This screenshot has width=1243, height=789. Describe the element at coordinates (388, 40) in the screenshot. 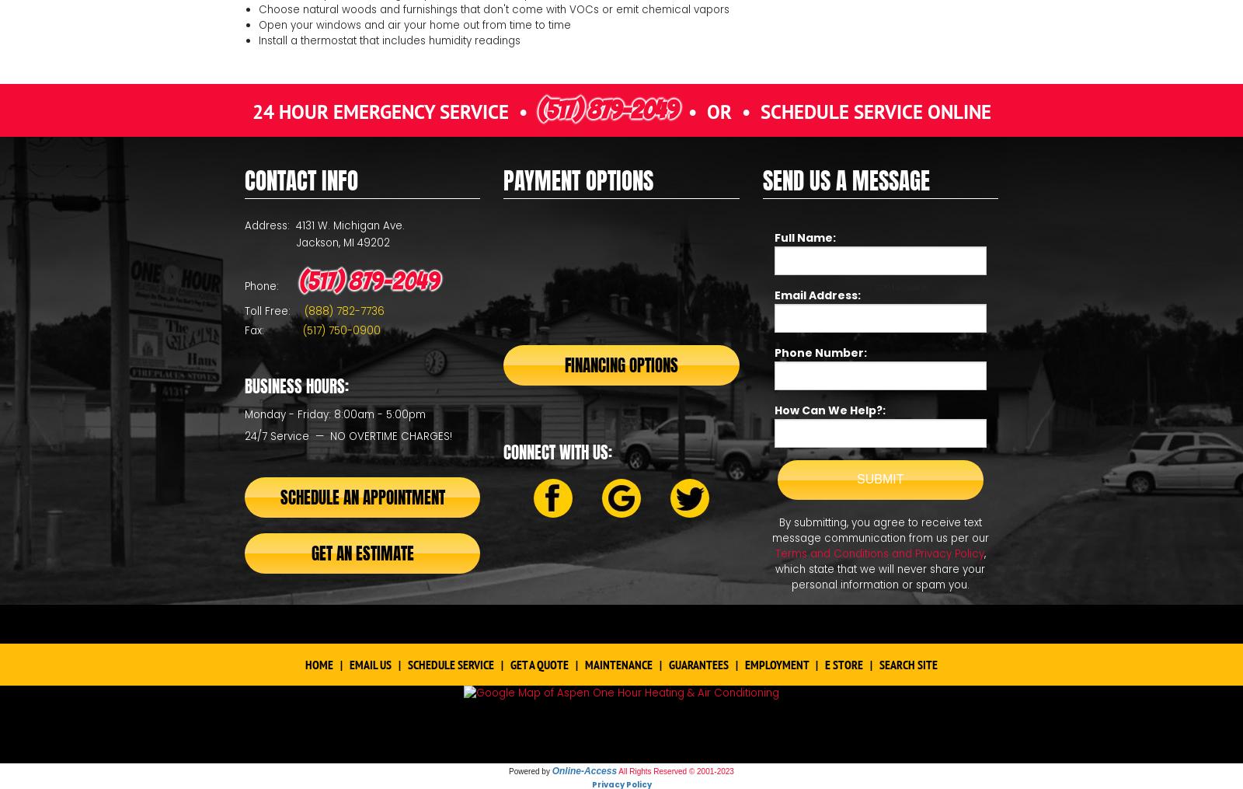

I see `'Install a thermostat that includes humidity readings'` at that location.